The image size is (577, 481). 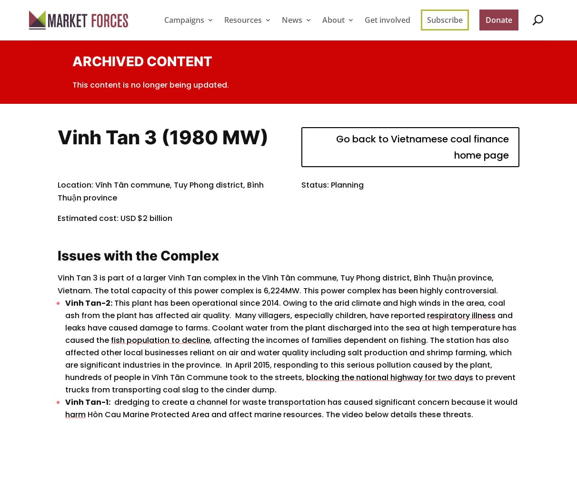 I want to click on 'FAQ', so click(x=336, y=109).